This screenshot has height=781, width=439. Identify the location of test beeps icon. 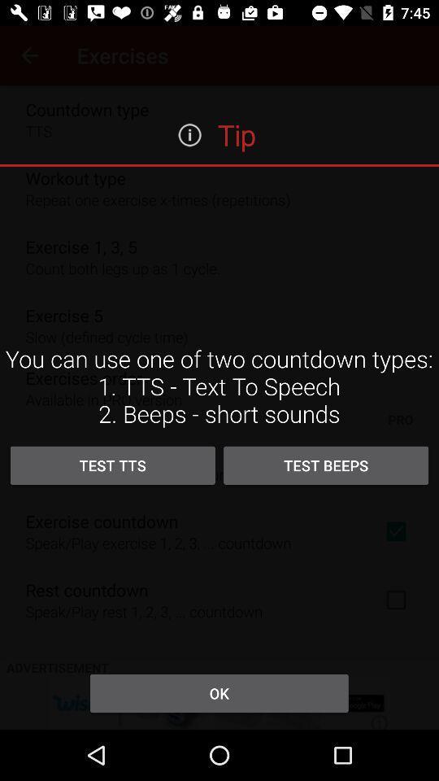
(326, 465).